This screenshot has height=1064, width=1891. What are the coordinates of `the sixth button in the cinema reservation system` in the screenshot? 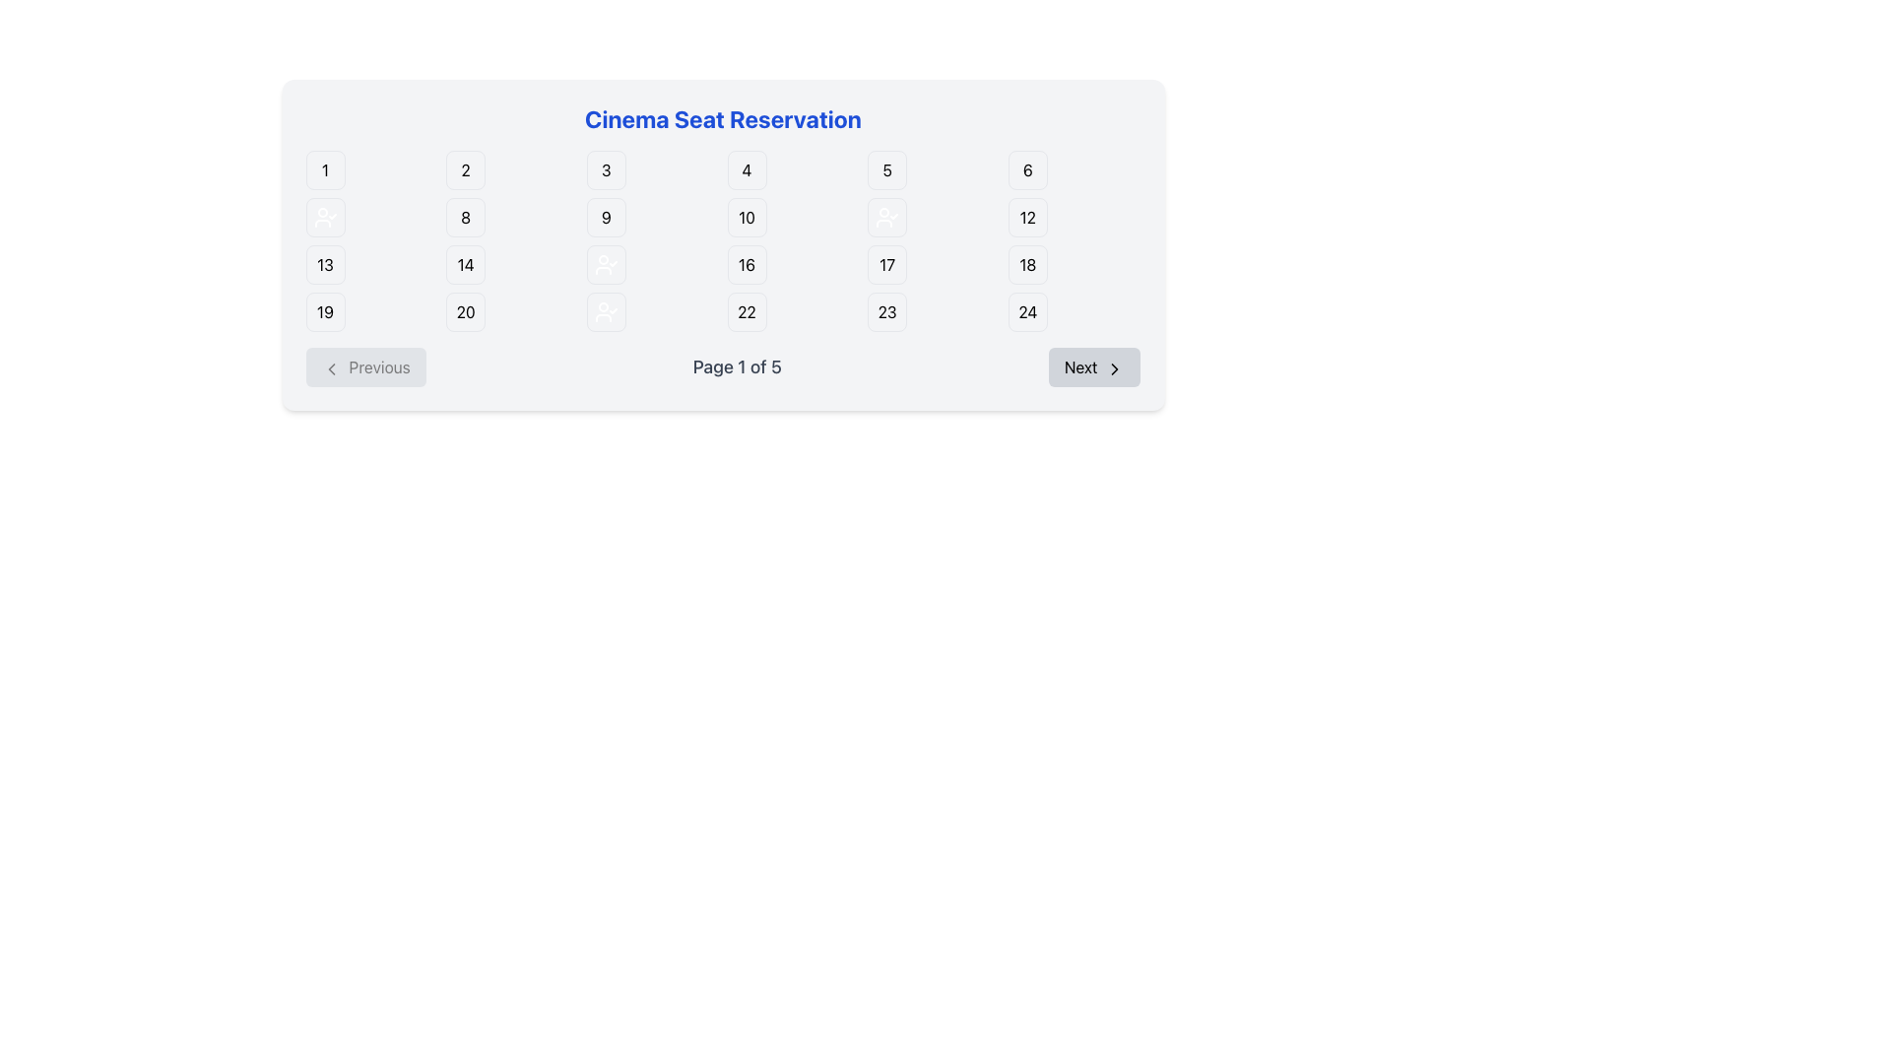 It's located at (1026, 169).